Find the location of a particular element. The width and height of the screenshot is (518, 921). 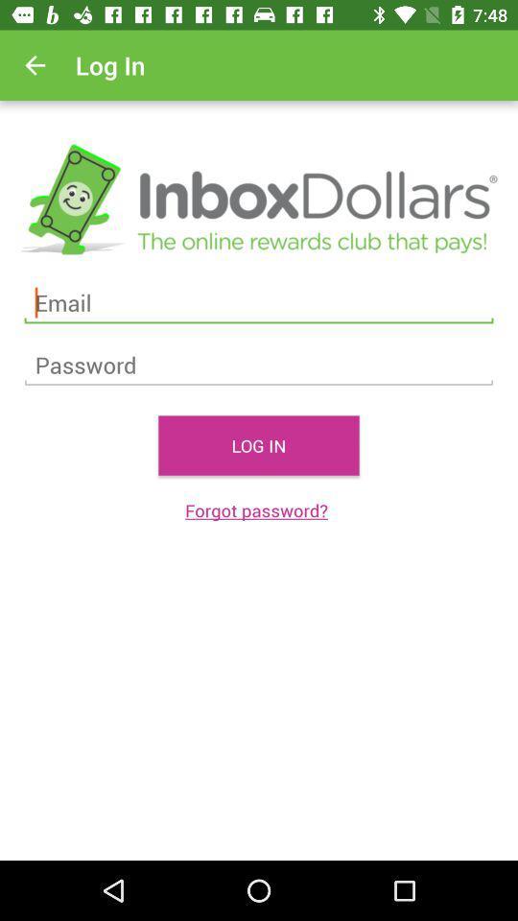

the forgot password?  icon is located at coordinates (258, 509).